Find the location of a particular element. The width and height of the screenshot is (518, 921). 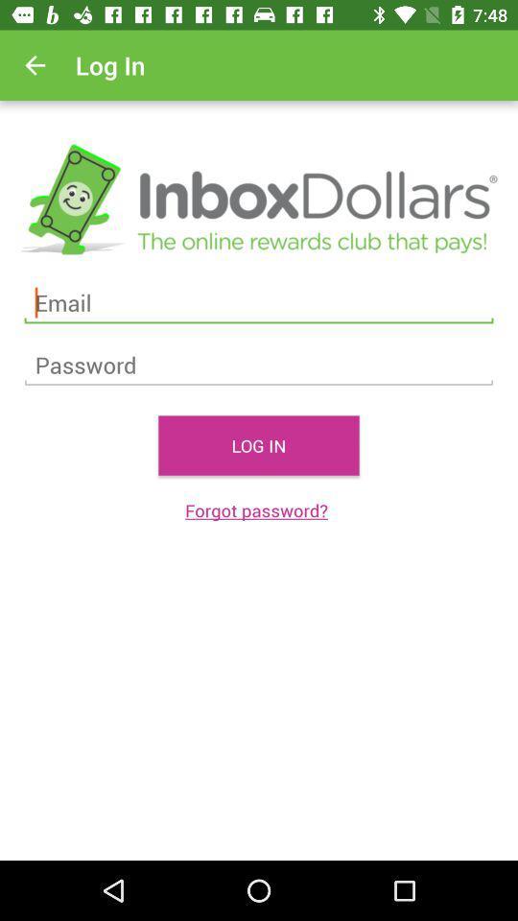

the forgot password?  icon is located at coordinates (258, 509).